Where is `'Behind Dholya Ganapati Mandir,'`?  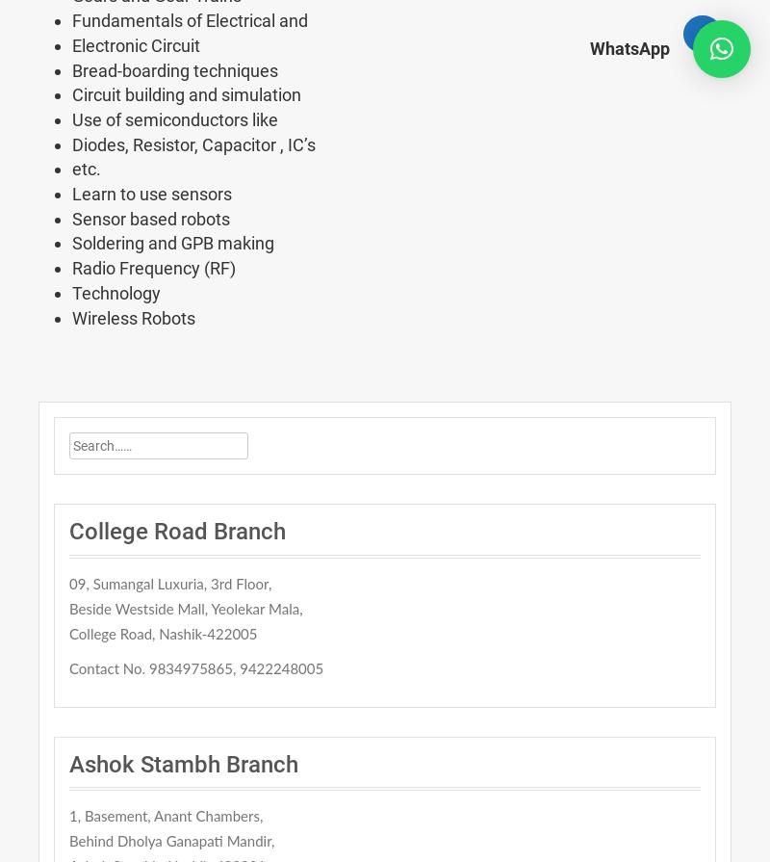
'Behind Dholya Ganapati Mandir,' is located at coordinates (170, 841).